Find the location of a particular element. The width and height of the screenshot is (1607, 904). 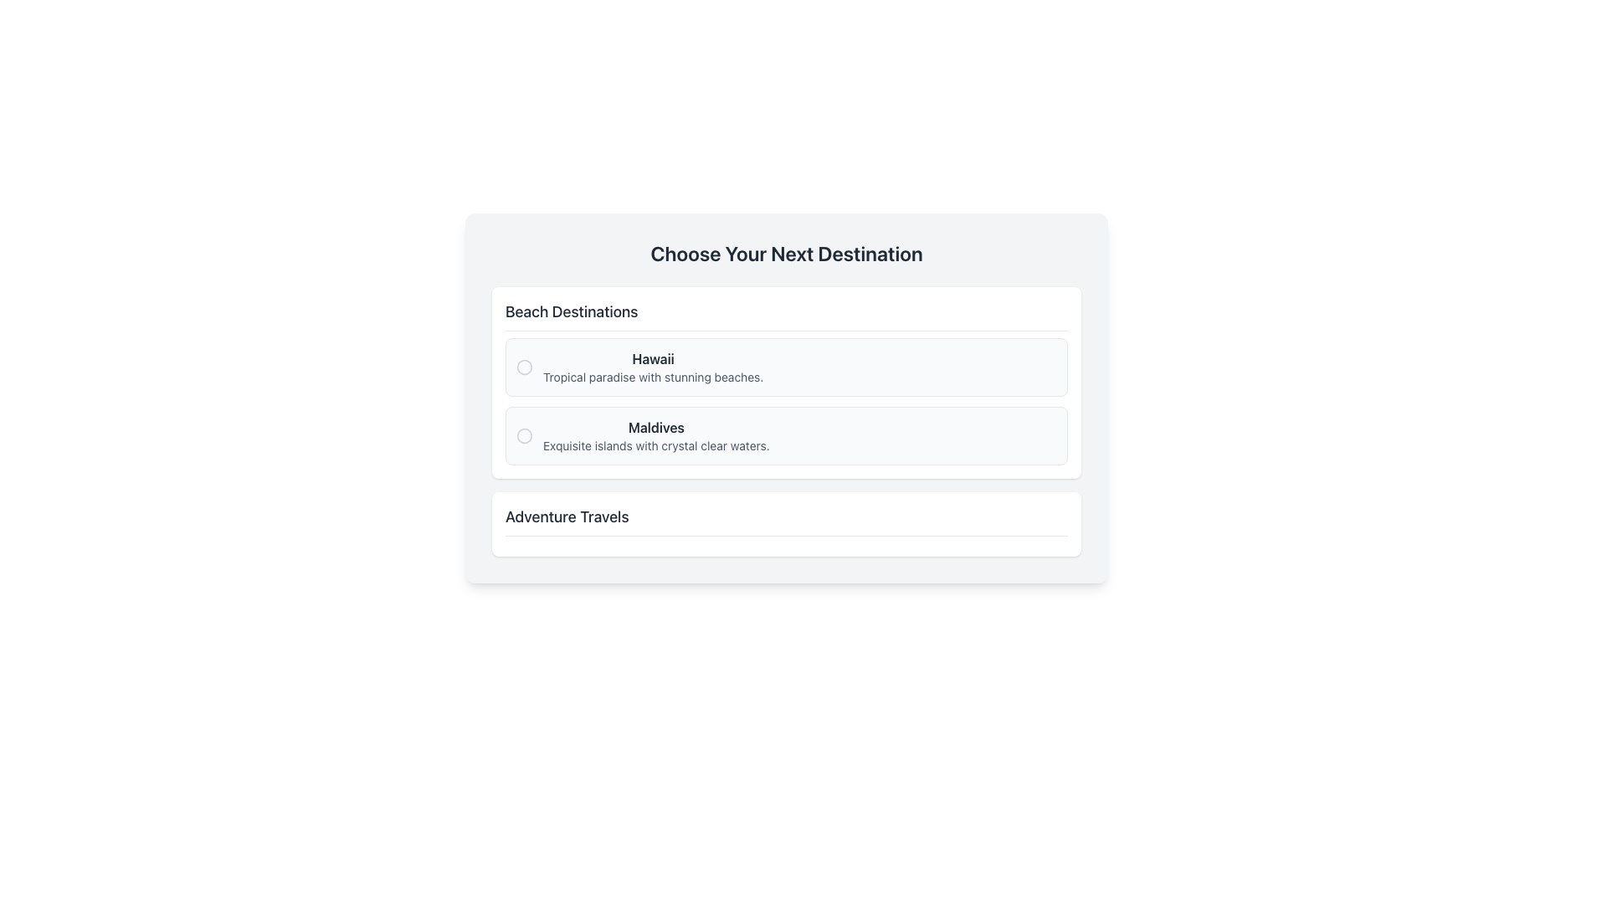

the text block providing information about 'Hawaii' in the 'Beach Destinations' section is located at coordinates (652, 367).